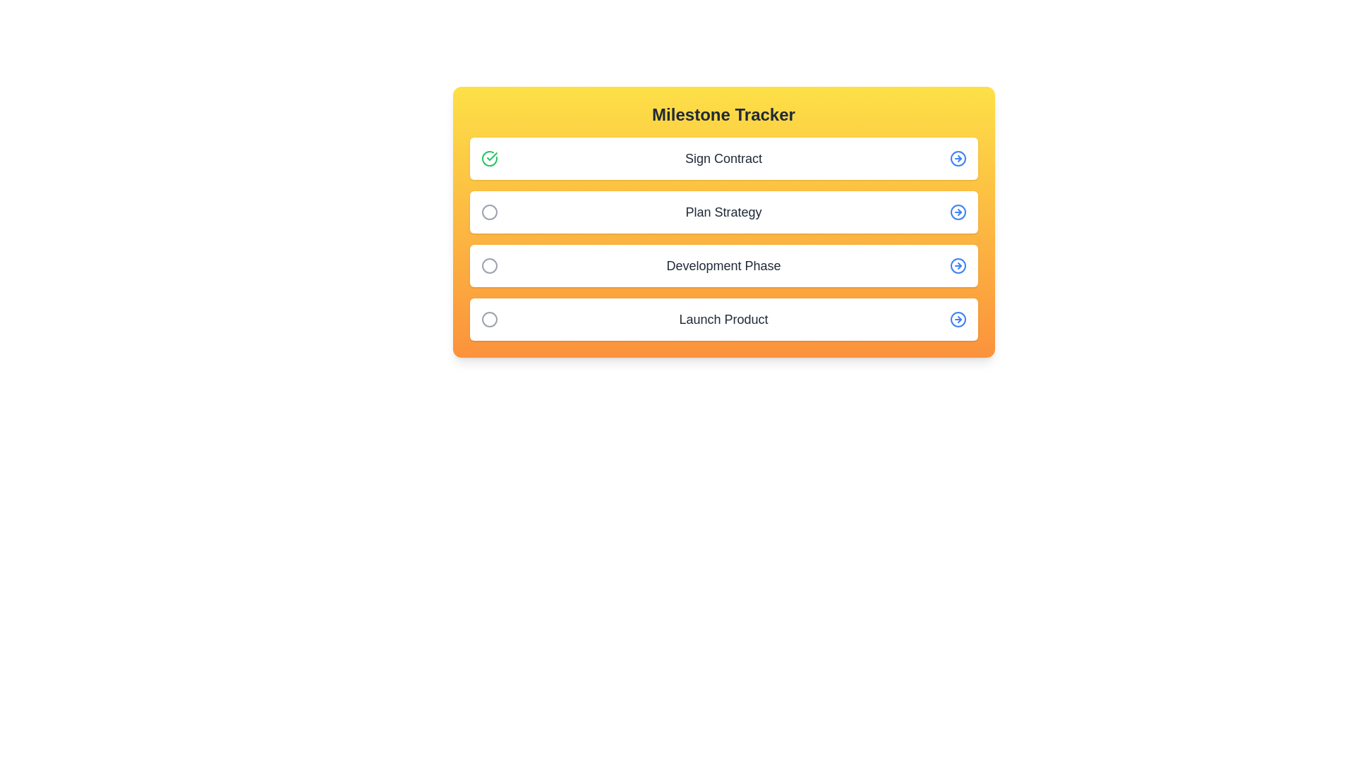 This screenshot has width=1355, height=762. I want to click on the 'Launch Product' step in the sequence, so click(723, 319).